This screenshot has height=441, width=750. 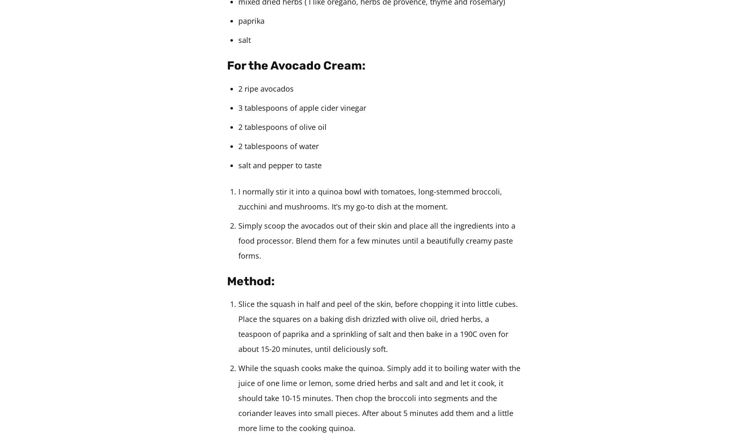 I want to click on '2 tablespoons of olive oil', so click(x=282, y=127).